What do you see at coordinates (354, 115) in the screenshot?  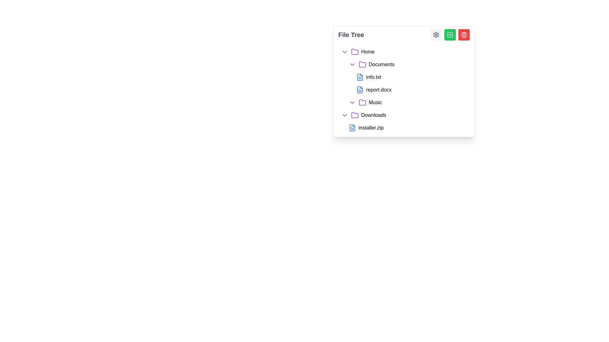 I see `the 'Downloads' folder icon in the file tree` at bounding box center [354, 115].